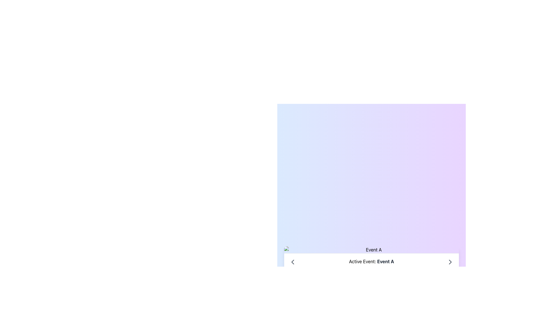  What do you see at coordinates (293, 262) in the screenshot?
I see `the back navigation button located at the far left side of the footer bar to observe its hover effects` at bounding box center [293, 262].